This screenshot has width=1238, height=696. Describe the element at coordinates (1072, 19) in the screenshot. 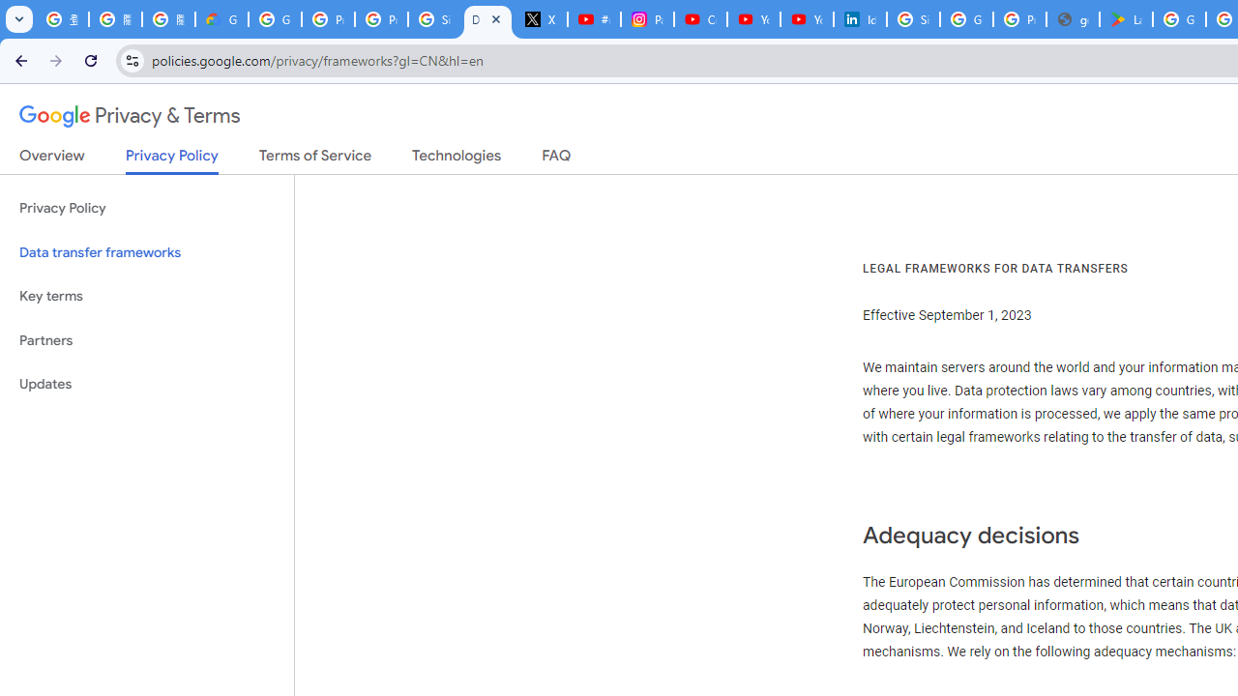

I see `'google_privacy_policy_en.pdf'` at that location.